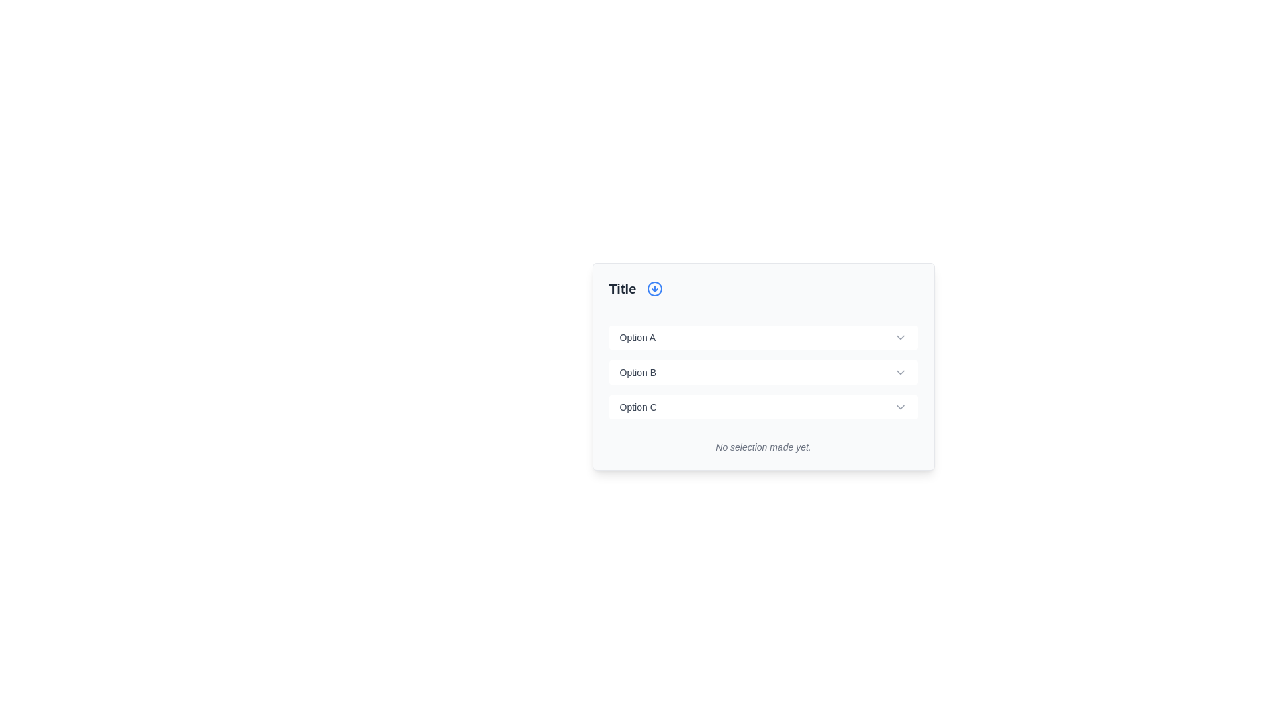  I want to click on the text label that reads 'No selection made yet.' located at the bottom of the options section, directly beneath Option C, so click(763, 442).